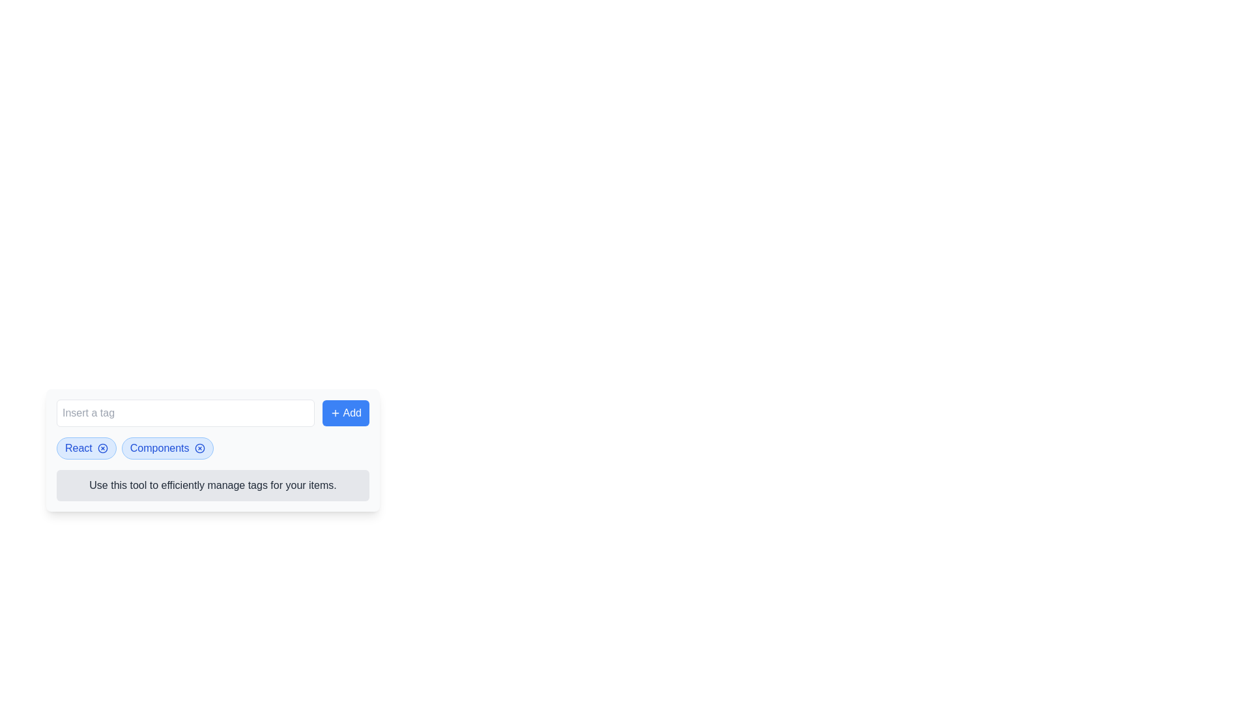  I want to click on the hollow circle with a thin outline surrounding the 'x' mark near the 'Components' tag, which represents a close or dismiss functionality, so click(199, 447).